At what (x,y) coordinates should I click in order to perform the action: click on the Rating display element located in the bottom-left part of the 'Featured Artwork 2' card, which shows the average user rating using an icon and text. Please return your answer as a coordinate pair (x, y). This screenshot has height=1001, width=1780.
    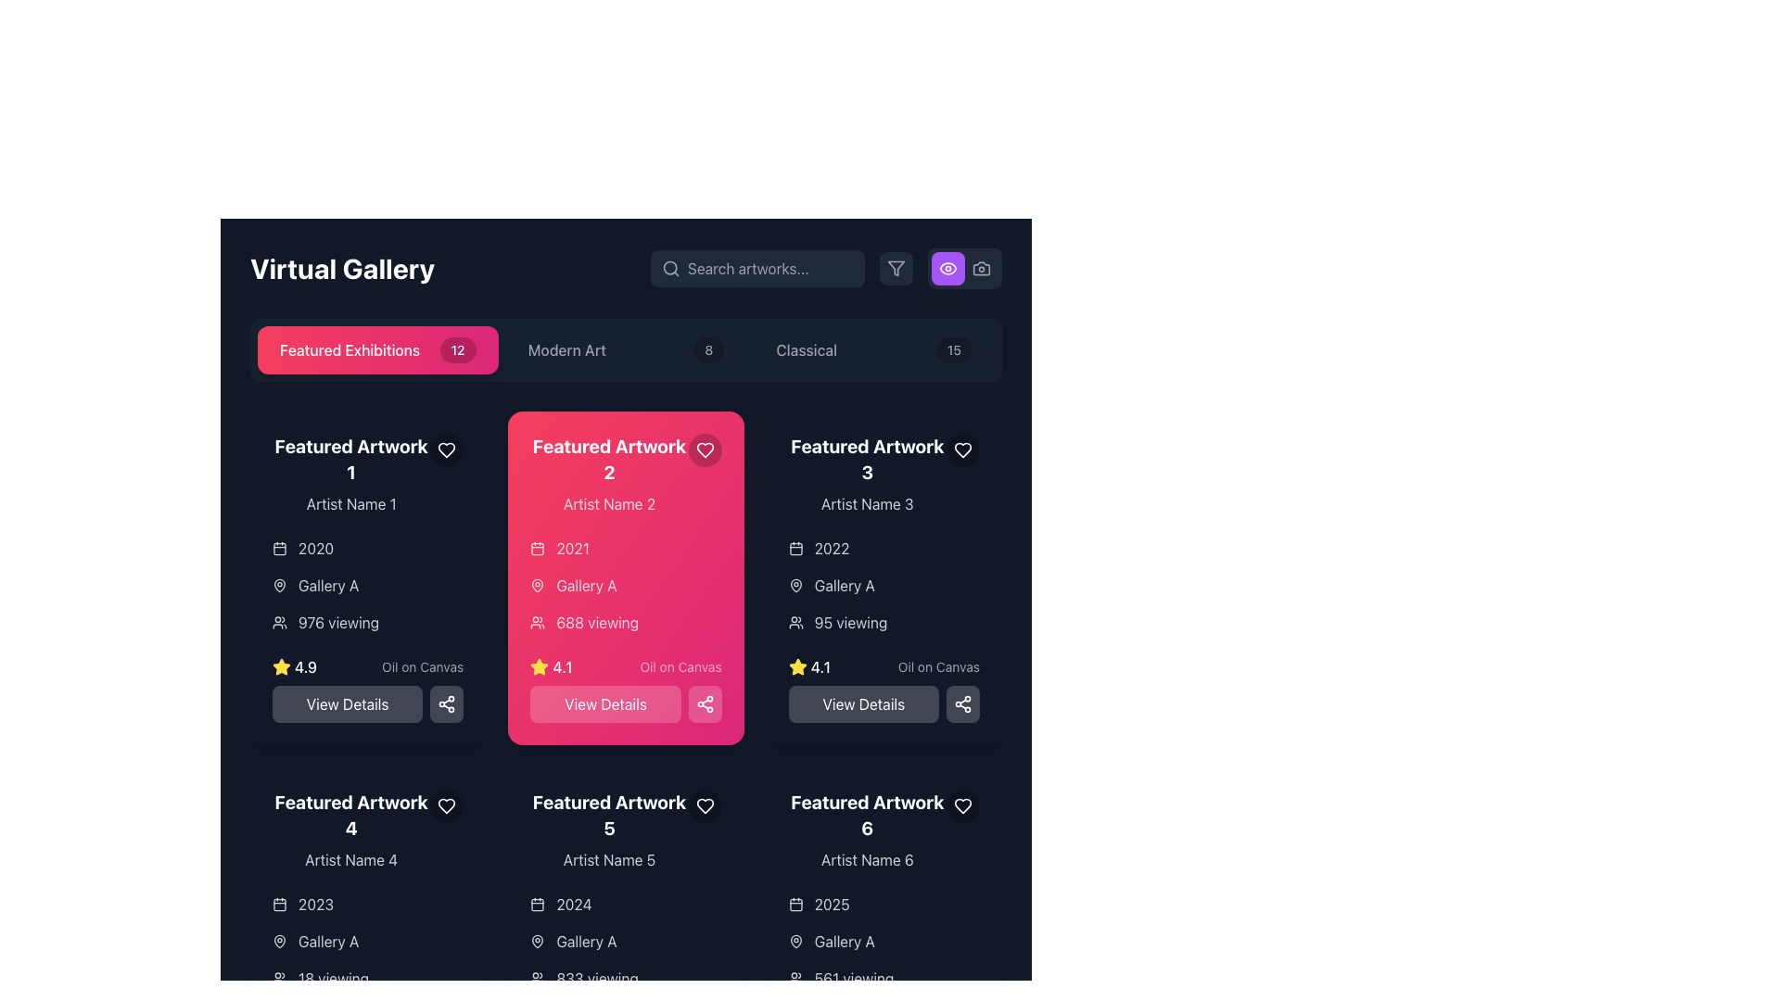
    Looking at the image, I should click on (551, 667).